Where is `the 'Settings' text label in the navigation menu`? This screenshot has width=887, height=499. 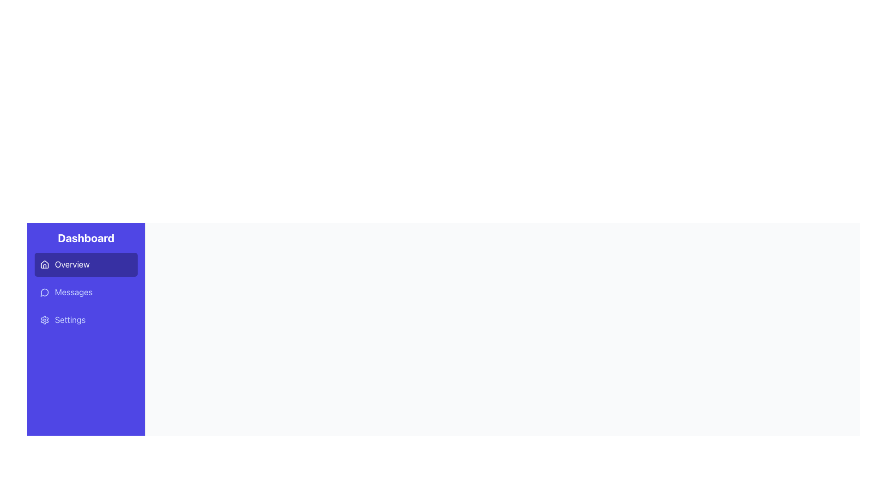
the 'Settings' text label in the navigation menu is located at coordinates (70, 320).